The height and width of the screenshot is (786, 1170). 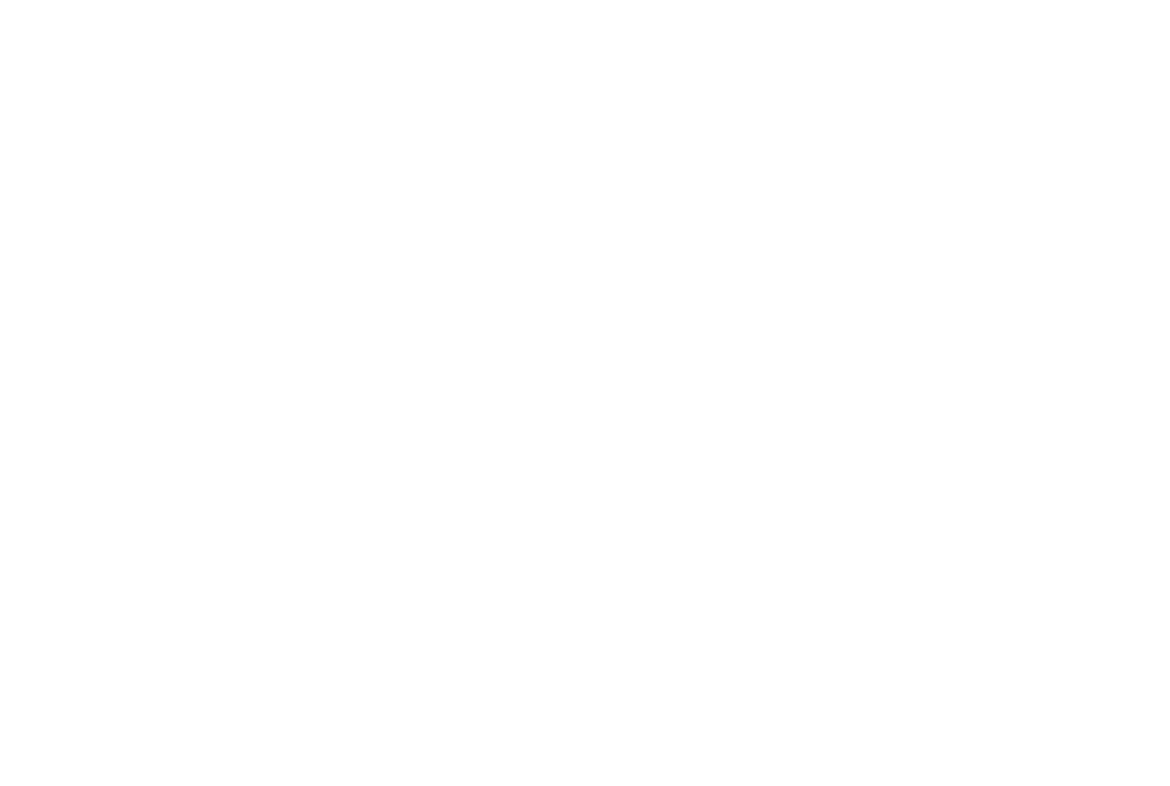 I want to click on 'Landfill', so click(x=703, y=174).